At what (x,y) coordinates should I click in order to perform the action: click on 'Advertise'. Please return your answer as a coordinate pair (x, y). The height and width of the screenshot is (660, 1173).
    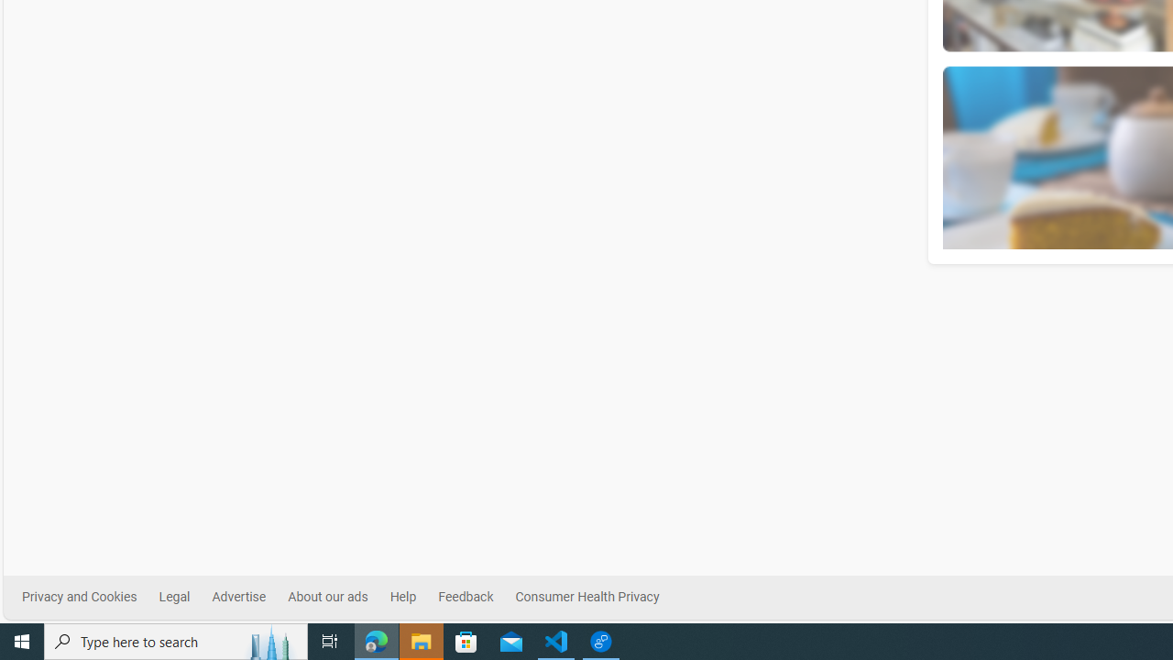
    Looking at the image, I should click on (237, 597).